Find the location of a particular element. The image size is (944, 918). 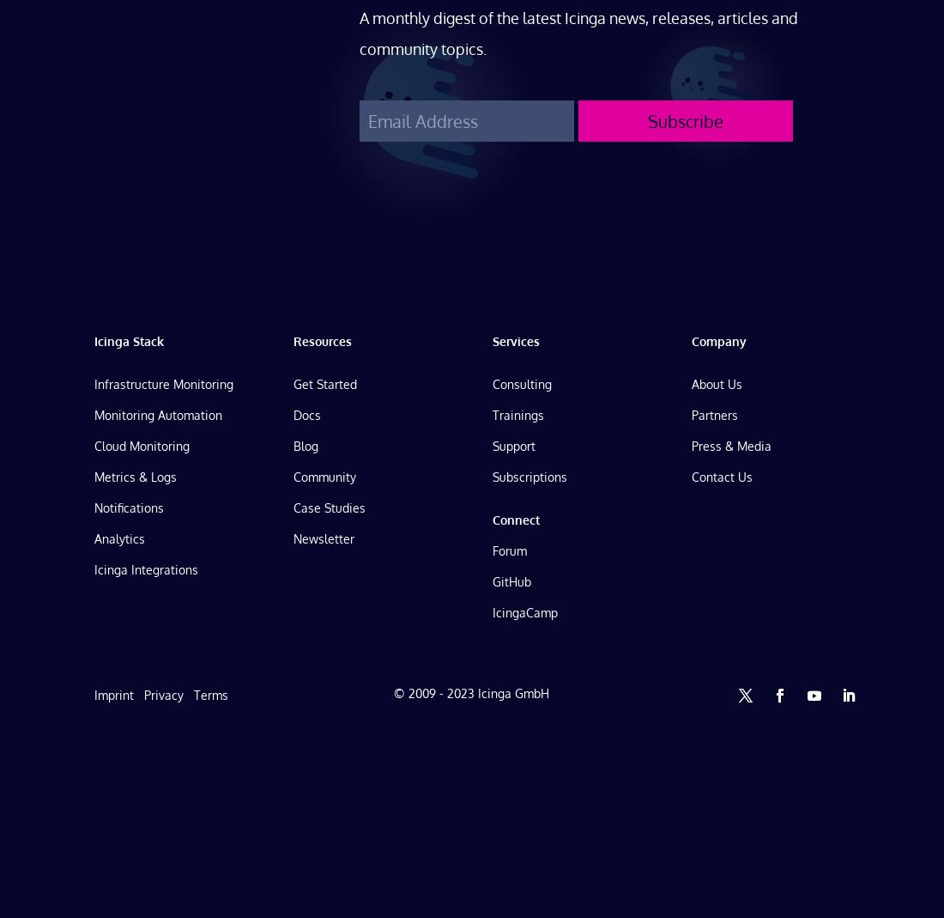

'A monthly digest of the latest Icinga news, releases, articles and community topics.' is located at coordinates (578, 31).